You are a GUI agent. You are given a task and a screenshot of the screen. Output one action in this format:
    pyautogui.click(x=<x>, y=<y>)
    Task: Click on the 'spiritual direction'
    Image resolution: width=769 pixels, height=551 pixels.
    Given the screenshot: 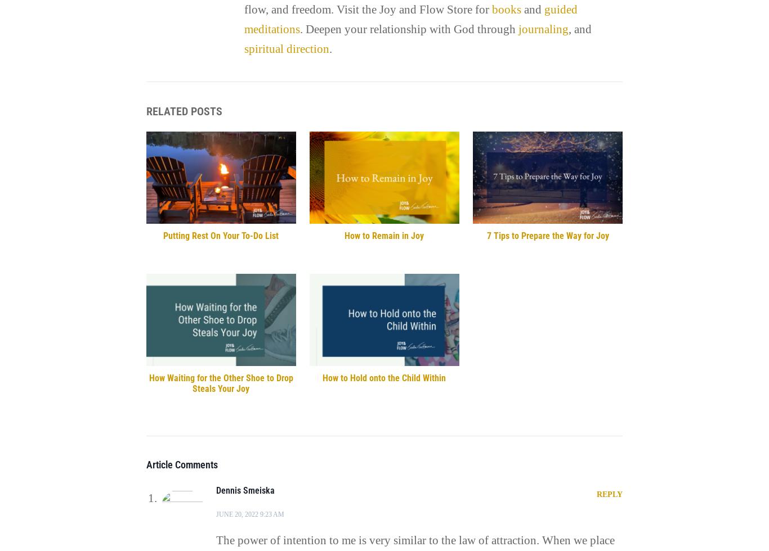 What is the action you would take?
    pyautogui.click(x=286, y=48)
    